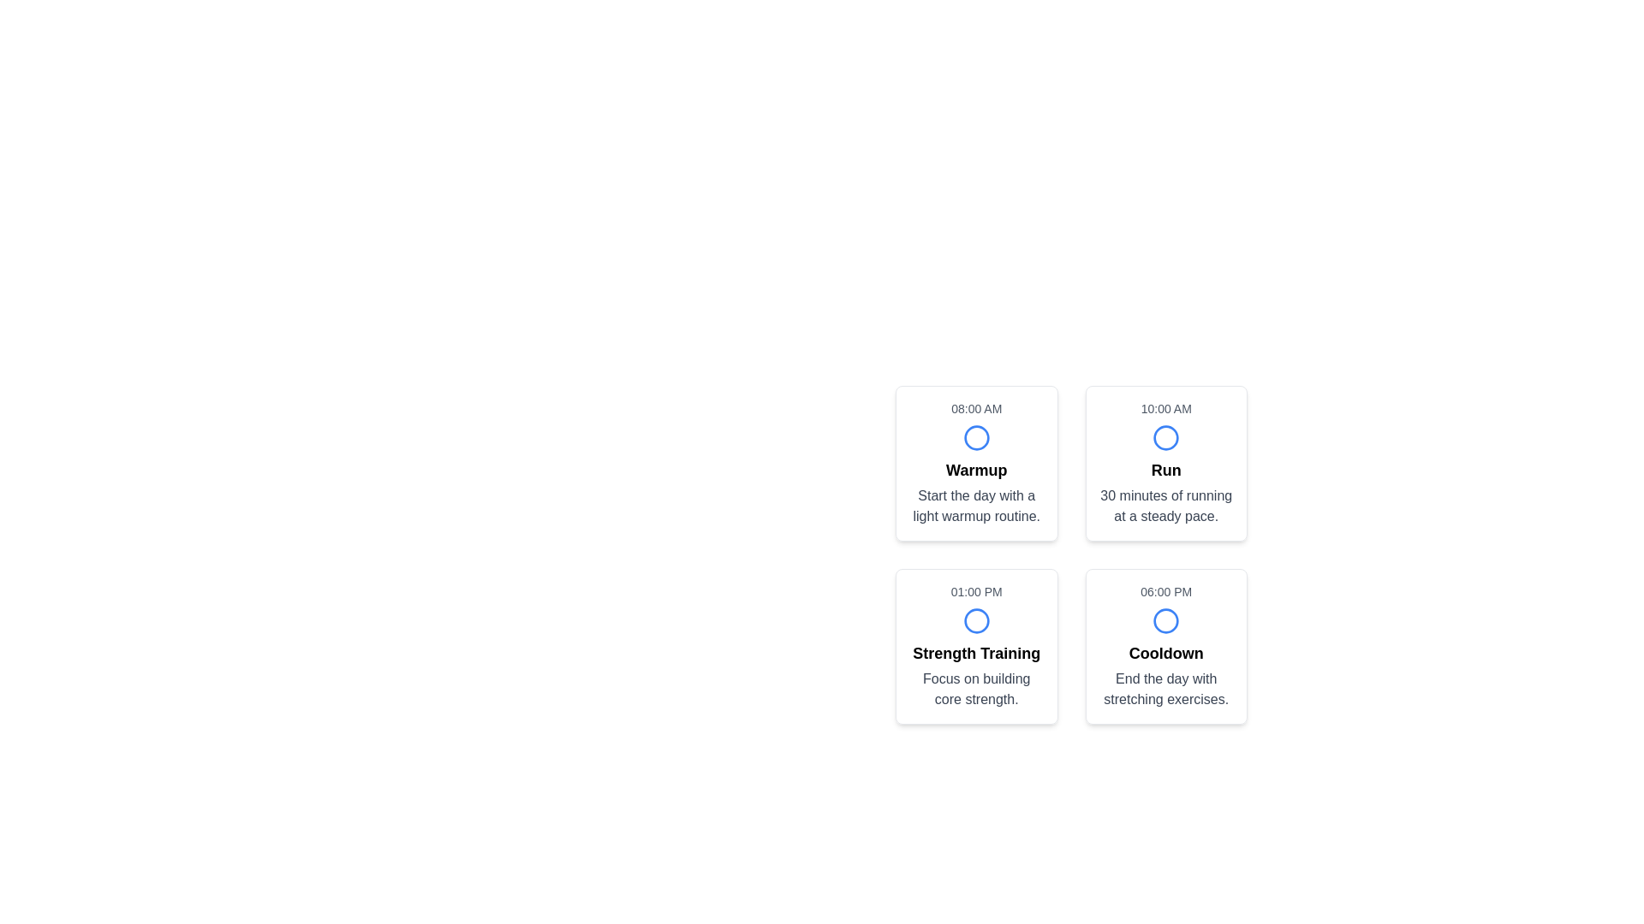 The height and width of the screenshot is (924, 1644). Describe the element at coordinates (976, 471) in the screenshot. I see `the 'Warmup' text label element, which is bold and large, positioned in the top-left card of a 2x2 grid layout, slightly above center vertically` at that location.